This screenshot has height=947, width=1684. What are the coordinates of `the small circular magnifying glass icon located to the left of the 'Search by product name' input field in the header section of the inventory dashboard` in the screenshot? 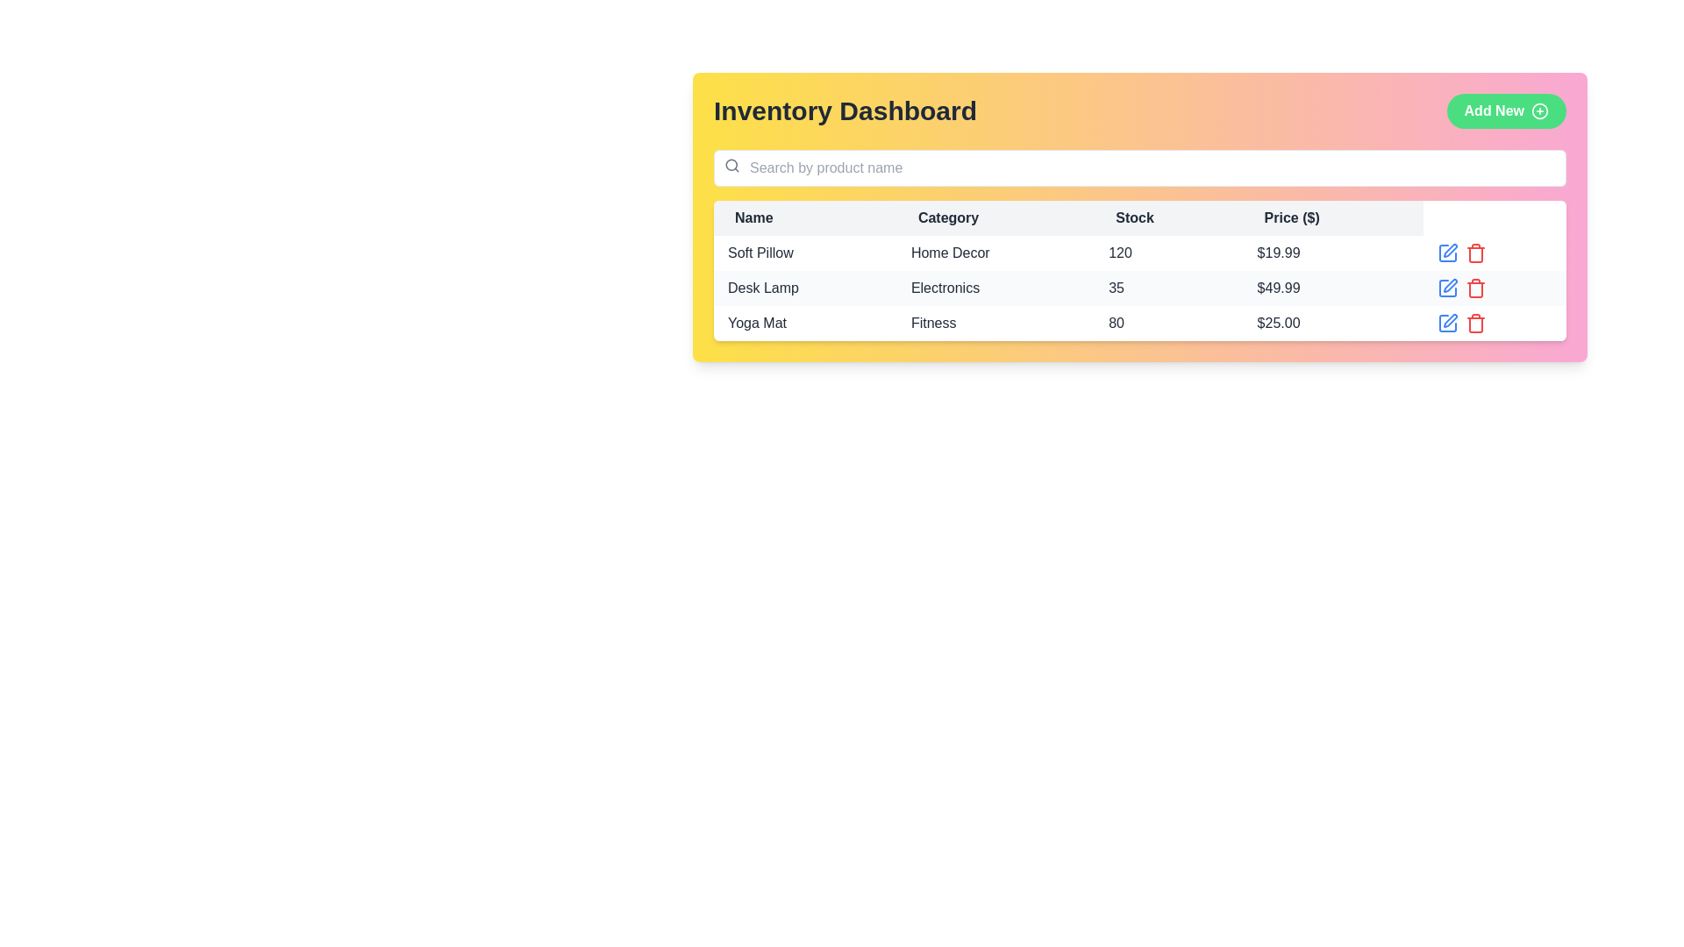 It's located at (731, 165).